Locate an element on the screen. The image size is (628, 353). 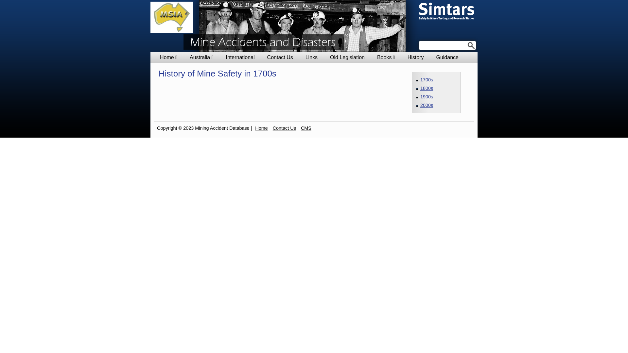
'Home' is located at coordinates (261, 128).